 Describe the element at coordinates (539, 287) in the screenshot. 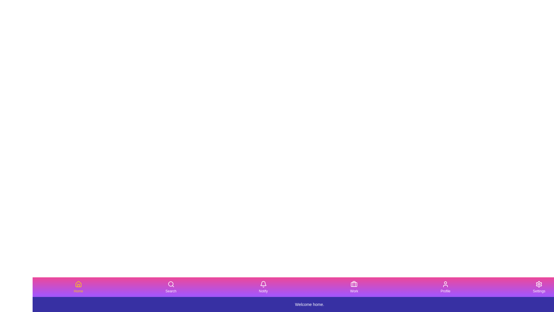

I see `the Settings button` at that location.